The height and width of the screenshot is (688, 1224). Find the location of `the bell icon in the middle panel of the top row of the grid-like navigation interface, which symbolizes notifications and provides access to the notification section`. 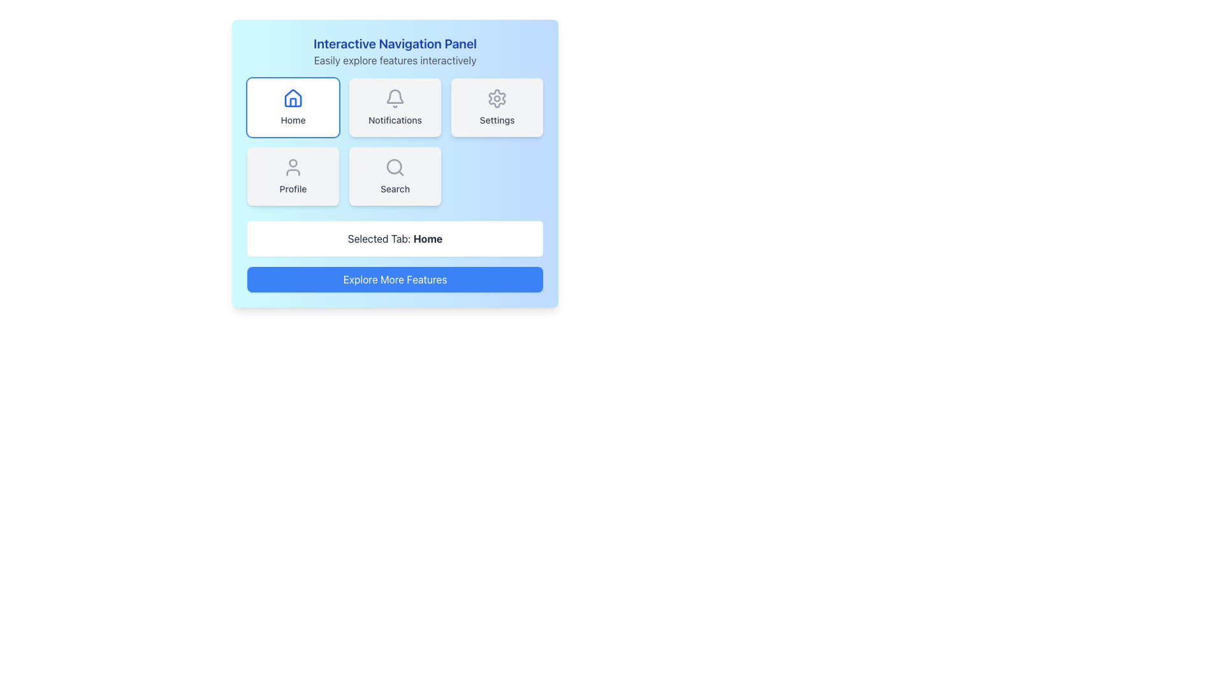

the bell icon in the middle panel of the top row of the grid-like navigation interface, which symbolizes notifications and provides access to the notification section is located at coordinates (394, 97).